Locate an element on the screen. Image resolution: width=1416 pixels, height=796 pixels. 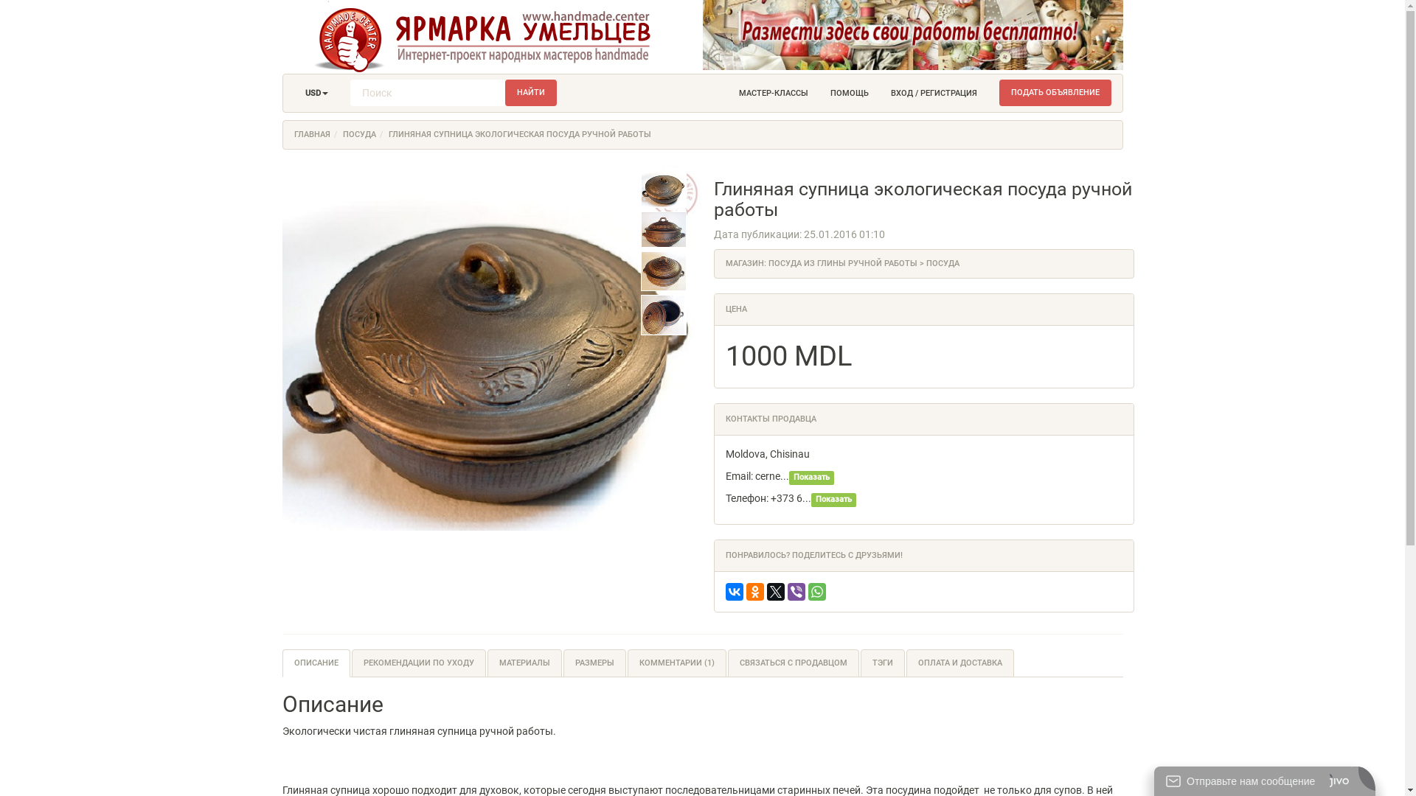
'WhatsApp' is located at coordinates (816, 590).